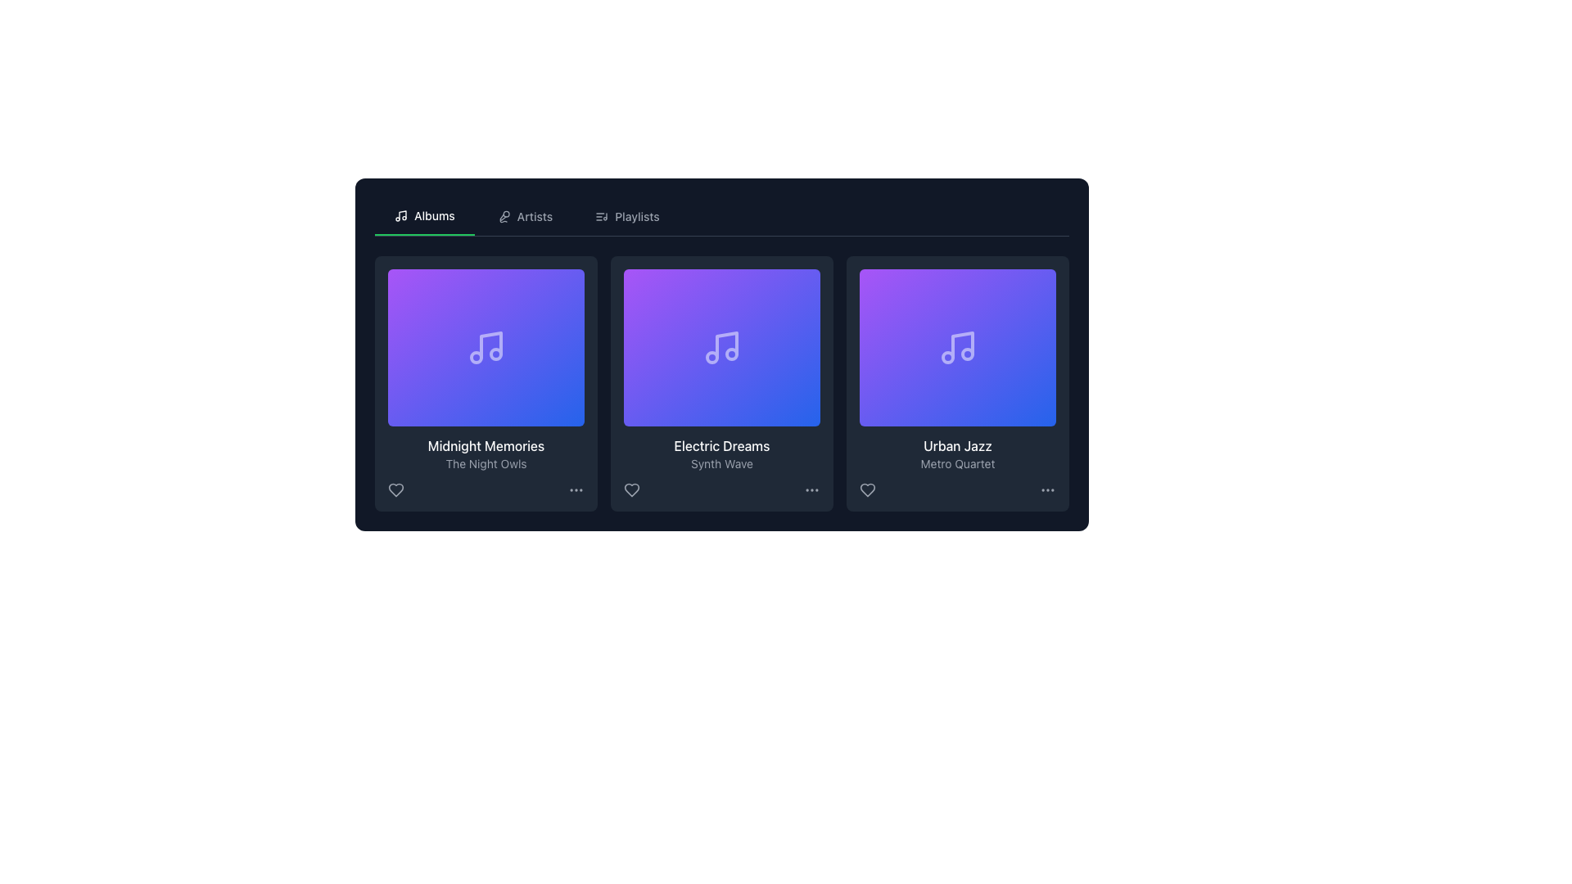 The image size is (1572, 884). Describe the element at coordinates (495, 353) in the screenshot. I see `the rightmost circle shape within the music icon on the first card labeled 'Midnight Memories' in the interface` at that location.